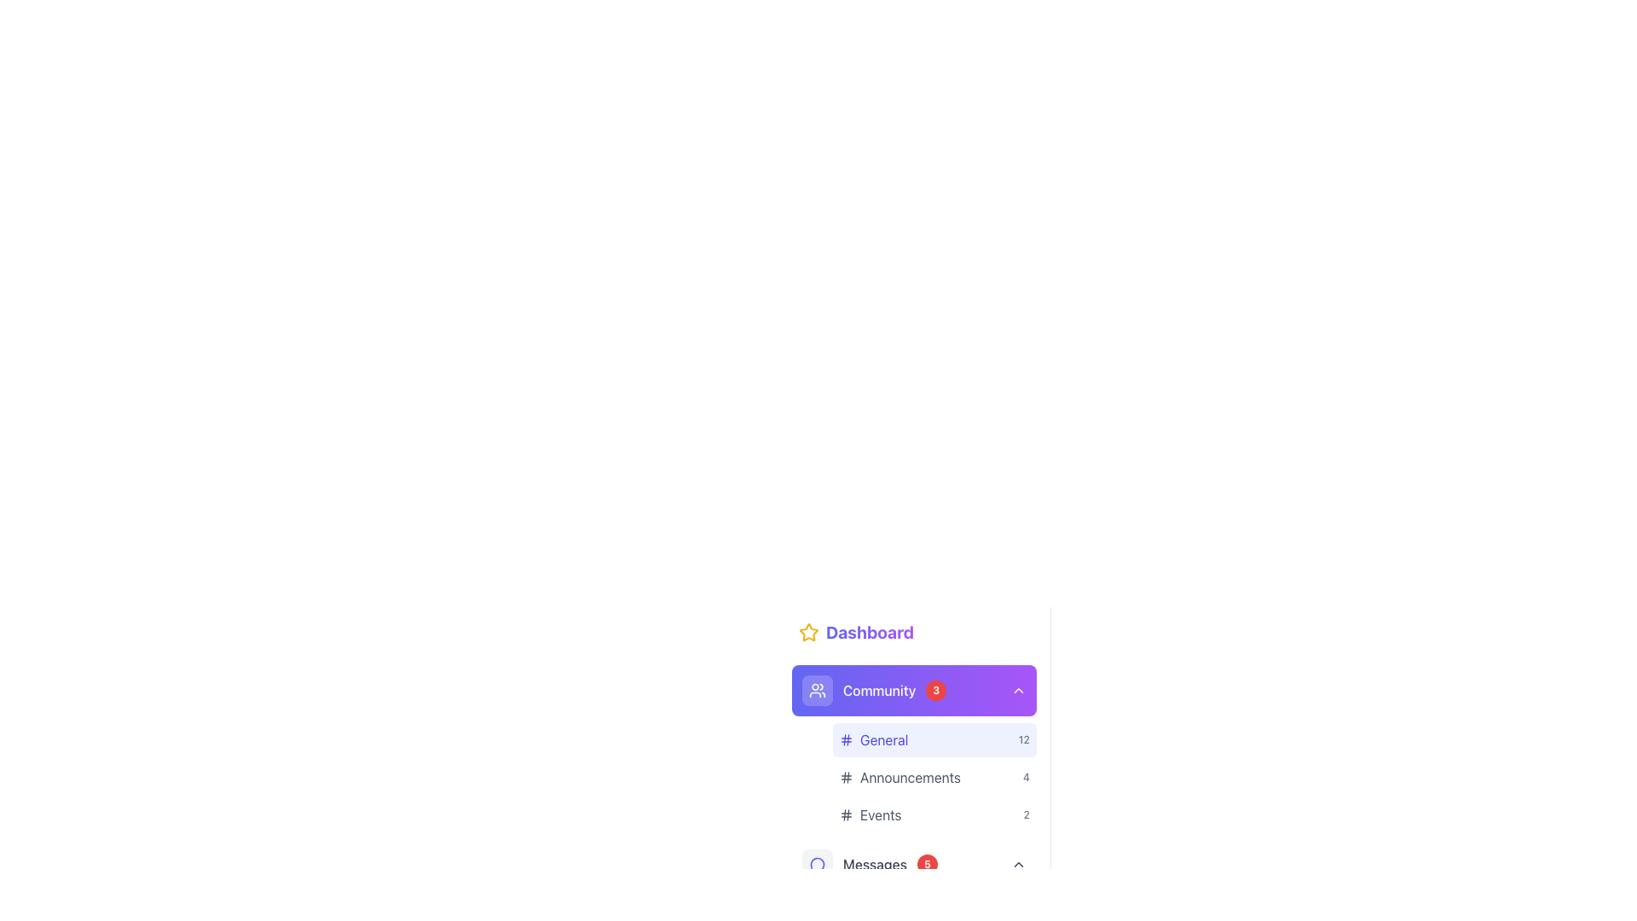  I want to click on text label or header identified as 'Dashboard', which serves as a reference for the current navigation point in the sidebar section, so click(870, 632).